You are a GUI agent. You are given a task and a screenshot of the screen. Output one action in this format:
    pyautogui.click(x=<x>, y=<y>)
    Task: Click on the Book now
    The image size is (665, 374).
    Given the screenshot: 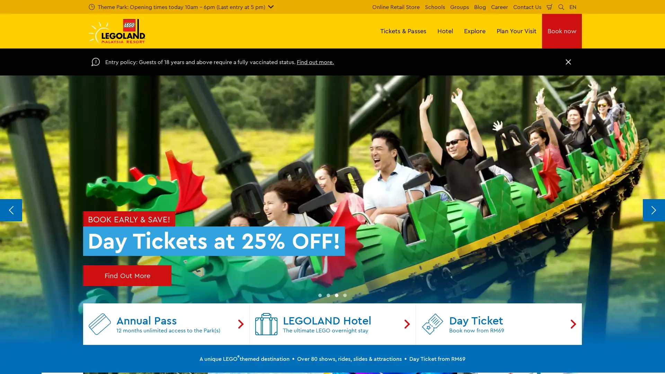 What is the action you would take?
    pyautogui.click(x=562, y=30)
    